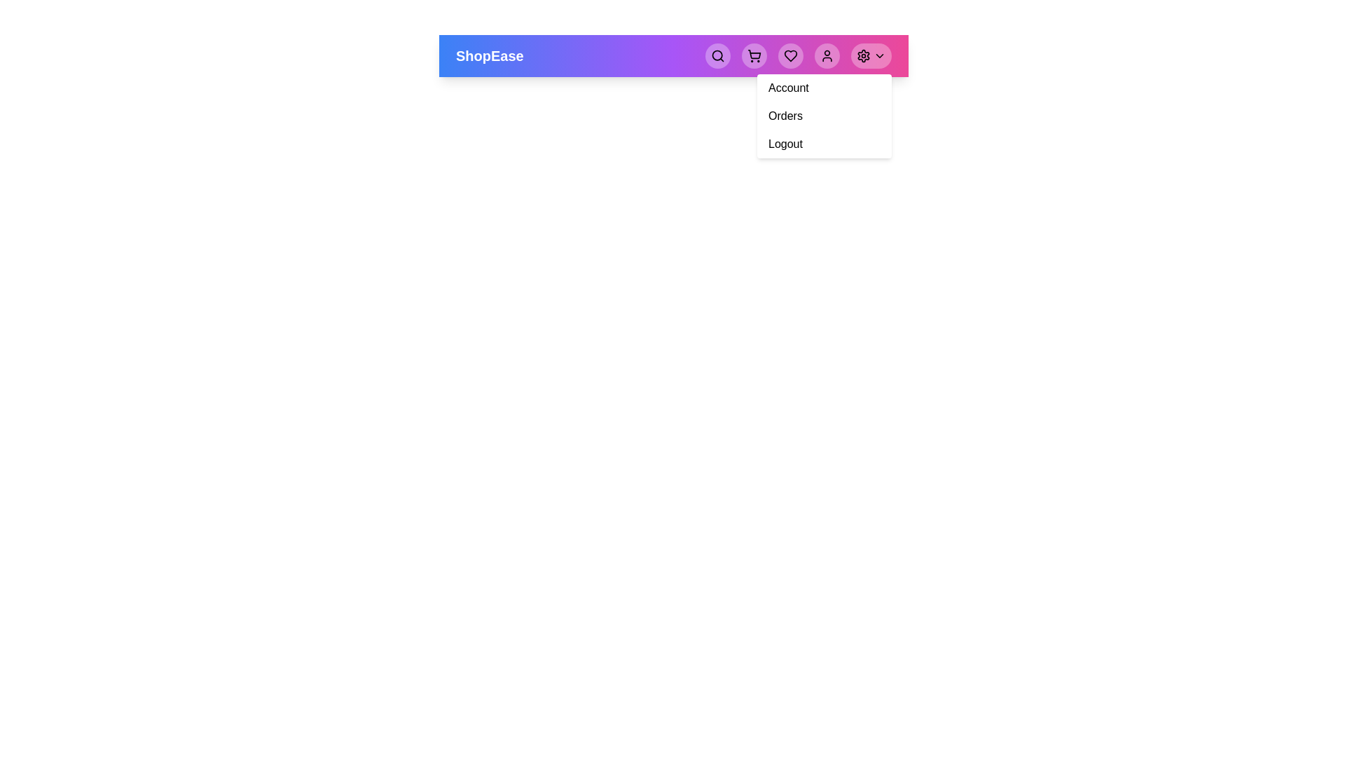 The height and width of the screenshot is (757, 1345). Describe the element at coordinates (788, 88) in the screenshot. I see `the 'Account' option in the menu` at that location.